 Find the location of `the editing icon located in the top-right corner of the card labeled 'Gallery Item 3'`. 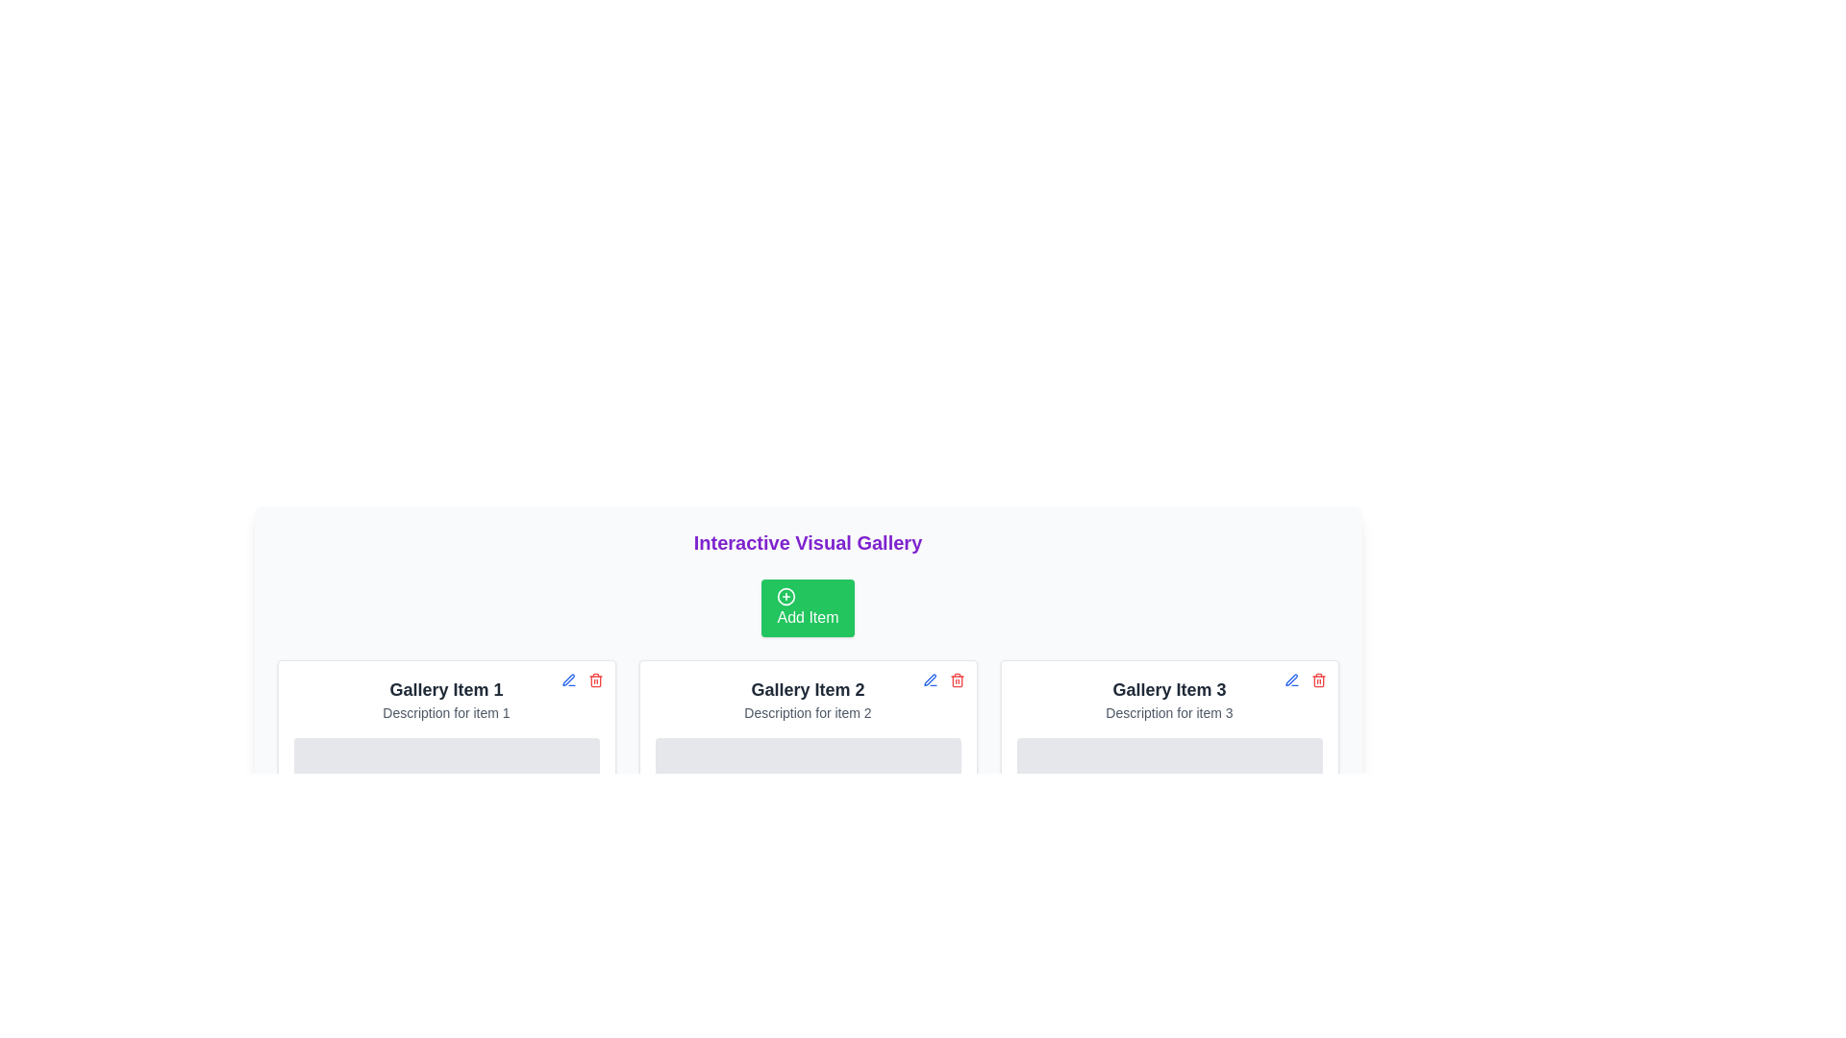

the editing icon located in the top-right corner of the card labeled 'Gallery Item 3' is located at coordinates (1291, 680).